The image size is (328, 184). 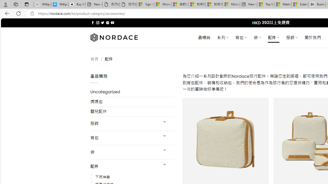 I want to click on 'Follow on YouTube', so click(x=112, y=22).